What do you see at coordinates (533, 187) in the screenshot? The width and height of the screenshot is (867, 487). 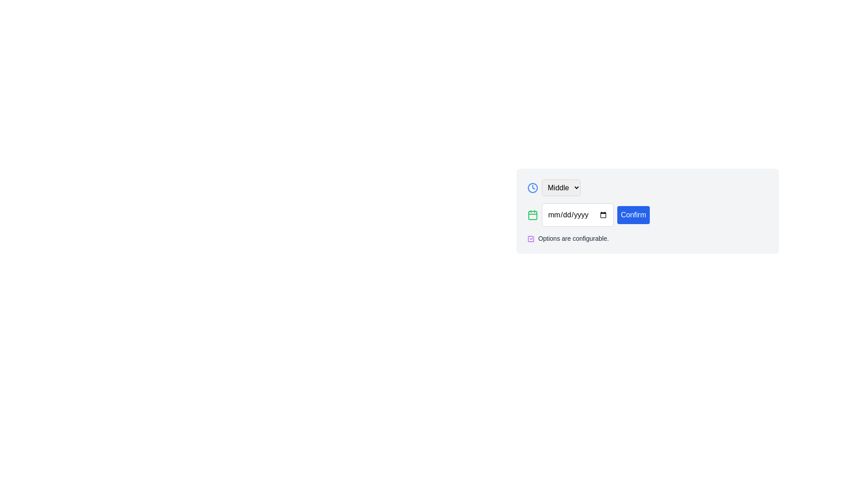 I see `the outermost circular component of the clock icon located in the top-left corner of the interface section` at bounding box center [533, 187].